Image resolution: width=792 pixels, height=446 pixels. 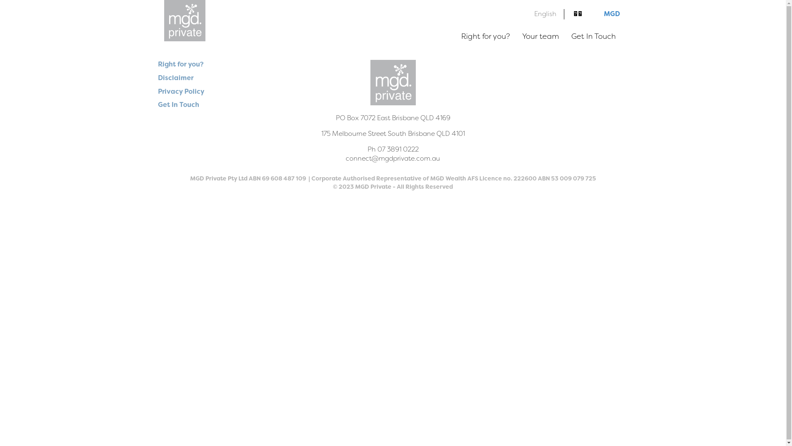 What do you see at coordinates (158, 78) in the screenshot?
I see `'Disclaimer'` at bounding box center [158, 78].